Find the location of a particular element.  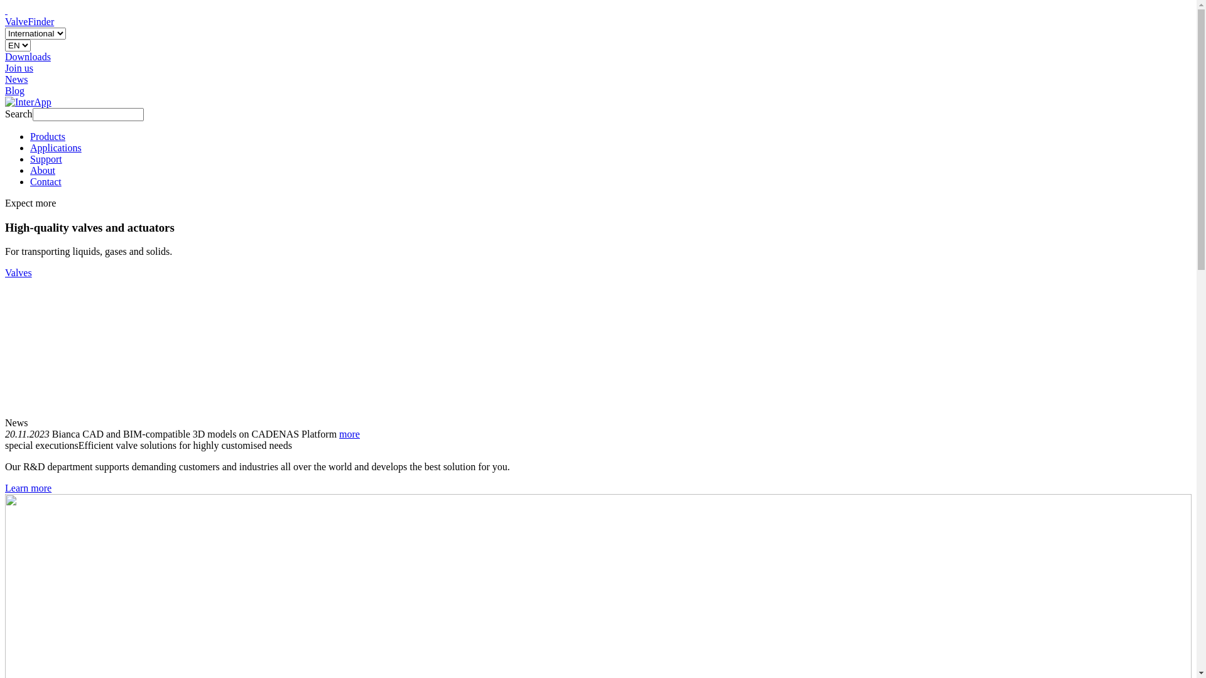

'Products' is located at coordinates (48, 136).